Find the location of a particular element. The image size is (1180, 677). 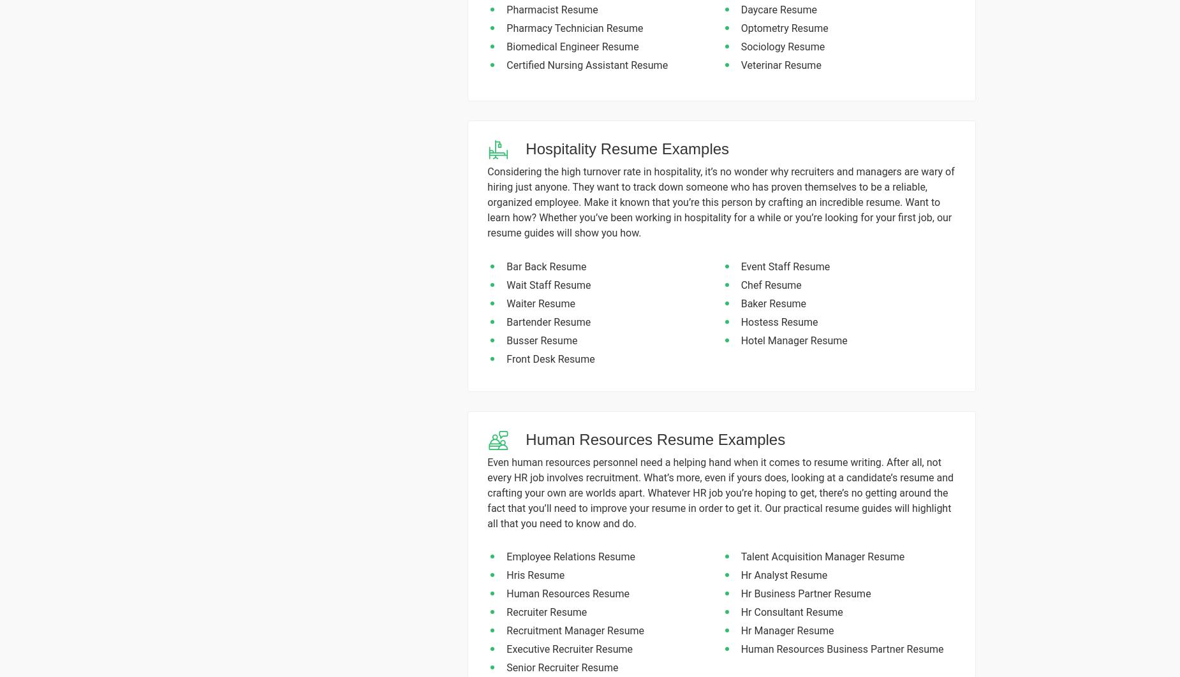

'Considering the high turnover rate in hospitality, it’s no wonder why recruiters and managers are wary of hiring just anyone. They want to track down someone who has proven themselves to be a reliable, organized employee. Make it known that you’re this person by crafting an incredible resume. Want to learn how? Whether you’ve been working in hospitality for a while or you’re looking for your first job, our resume guides will show you how.' is located at coordinates (719, 201).